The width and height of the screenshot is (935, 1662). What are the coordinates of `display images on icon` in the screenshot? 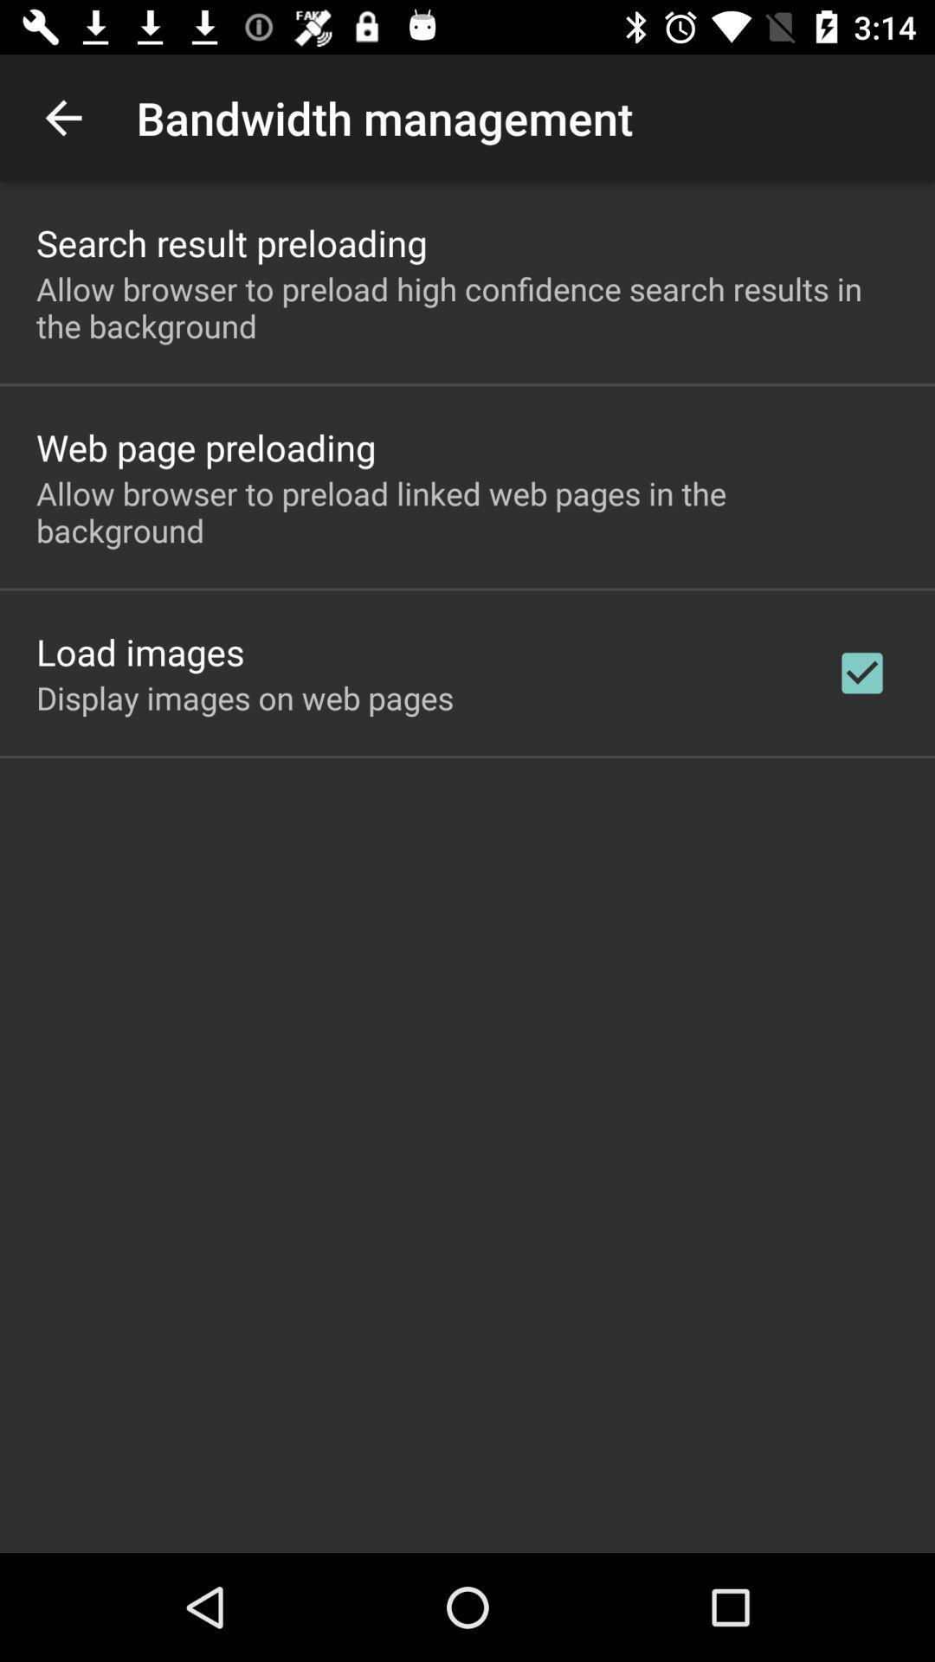 It's located at (245, 698).